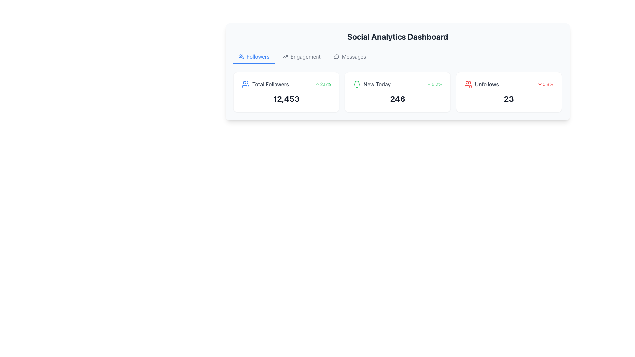 The image size is (635, 357). What do you see at coordinates (323, 84) in the screenshot?
I see `the upward chevron icon and text '2.5%' located in the upper-right section of the 'Total Followers' card` at bounding box center [323, 84].